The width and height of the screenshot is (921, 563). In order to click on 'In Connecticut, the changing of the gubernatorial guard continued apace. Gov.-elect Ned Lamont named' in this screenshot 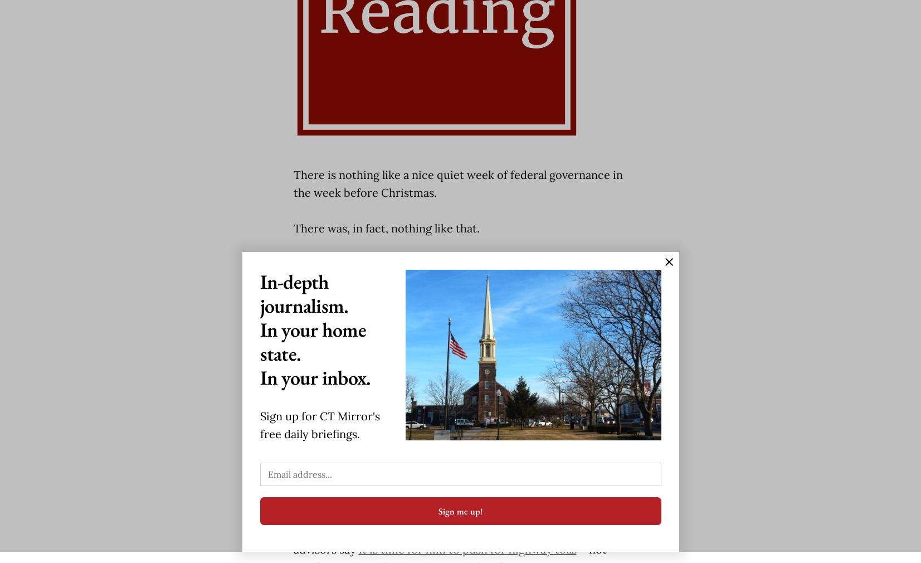, I will do `click(438, 378)`.